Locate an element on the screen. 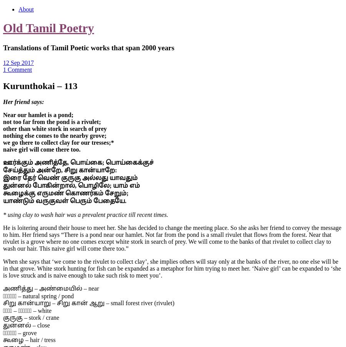  'Translations of Tamil Poetic works that span 2000 years' is located at coordinates (88, 47).